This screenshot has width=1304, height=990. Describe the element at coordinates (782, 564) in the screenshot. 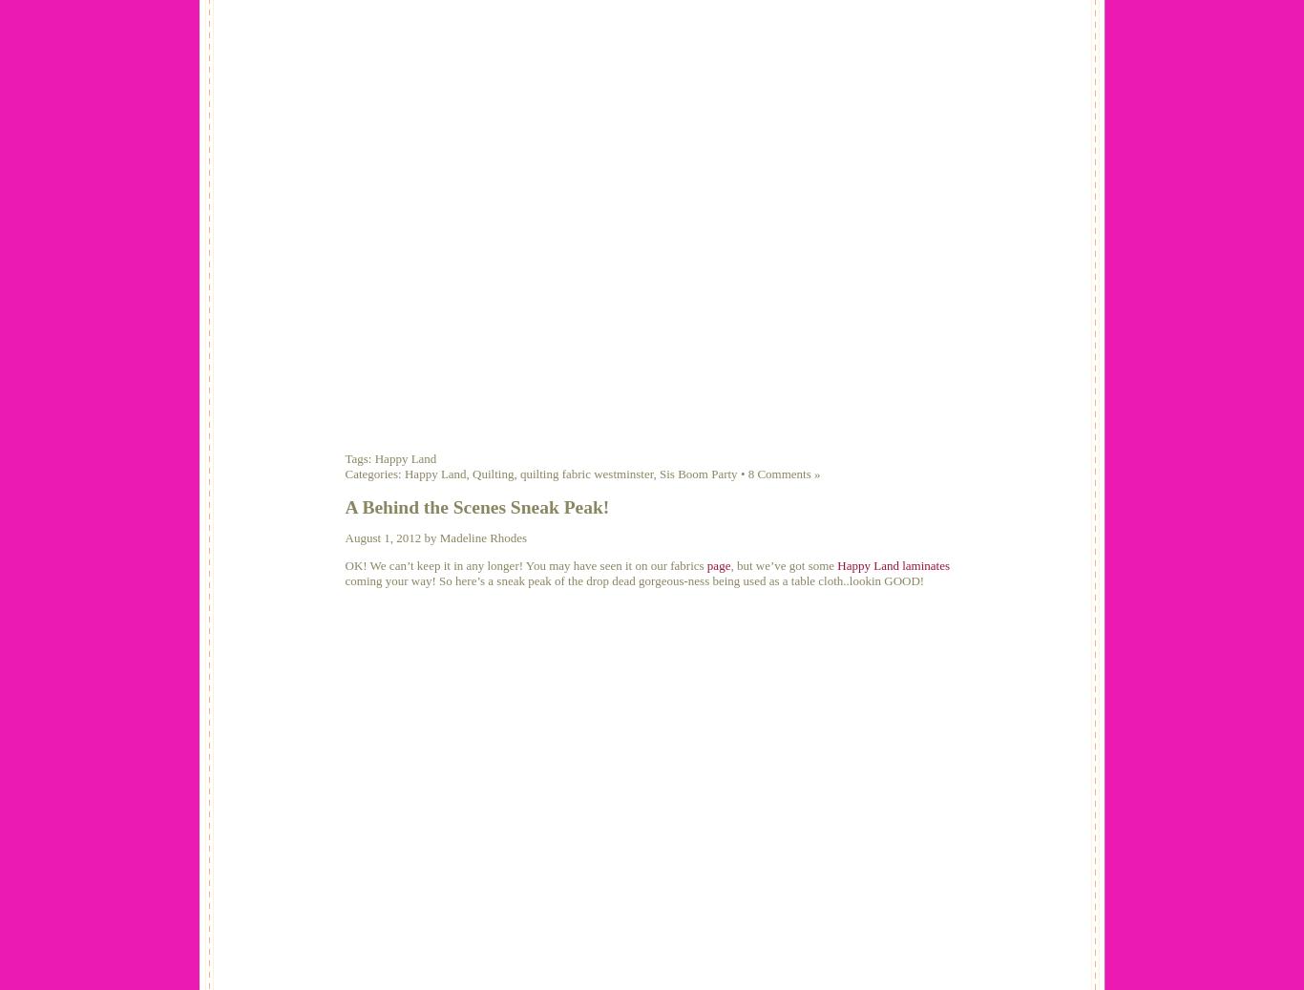

I see `', but we’ve got some'` at that location.